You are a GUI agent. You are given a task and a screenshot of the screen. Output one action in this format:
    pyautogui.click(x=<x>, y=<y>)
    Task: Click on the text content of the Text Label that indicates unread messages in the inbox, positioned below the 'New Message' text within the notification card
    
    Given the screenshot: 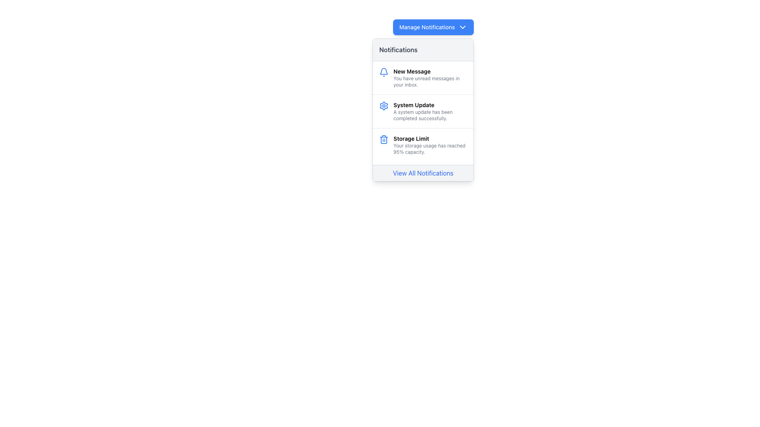 What is the action you would take?
    pyautogui.click(x=430, y=82)
    